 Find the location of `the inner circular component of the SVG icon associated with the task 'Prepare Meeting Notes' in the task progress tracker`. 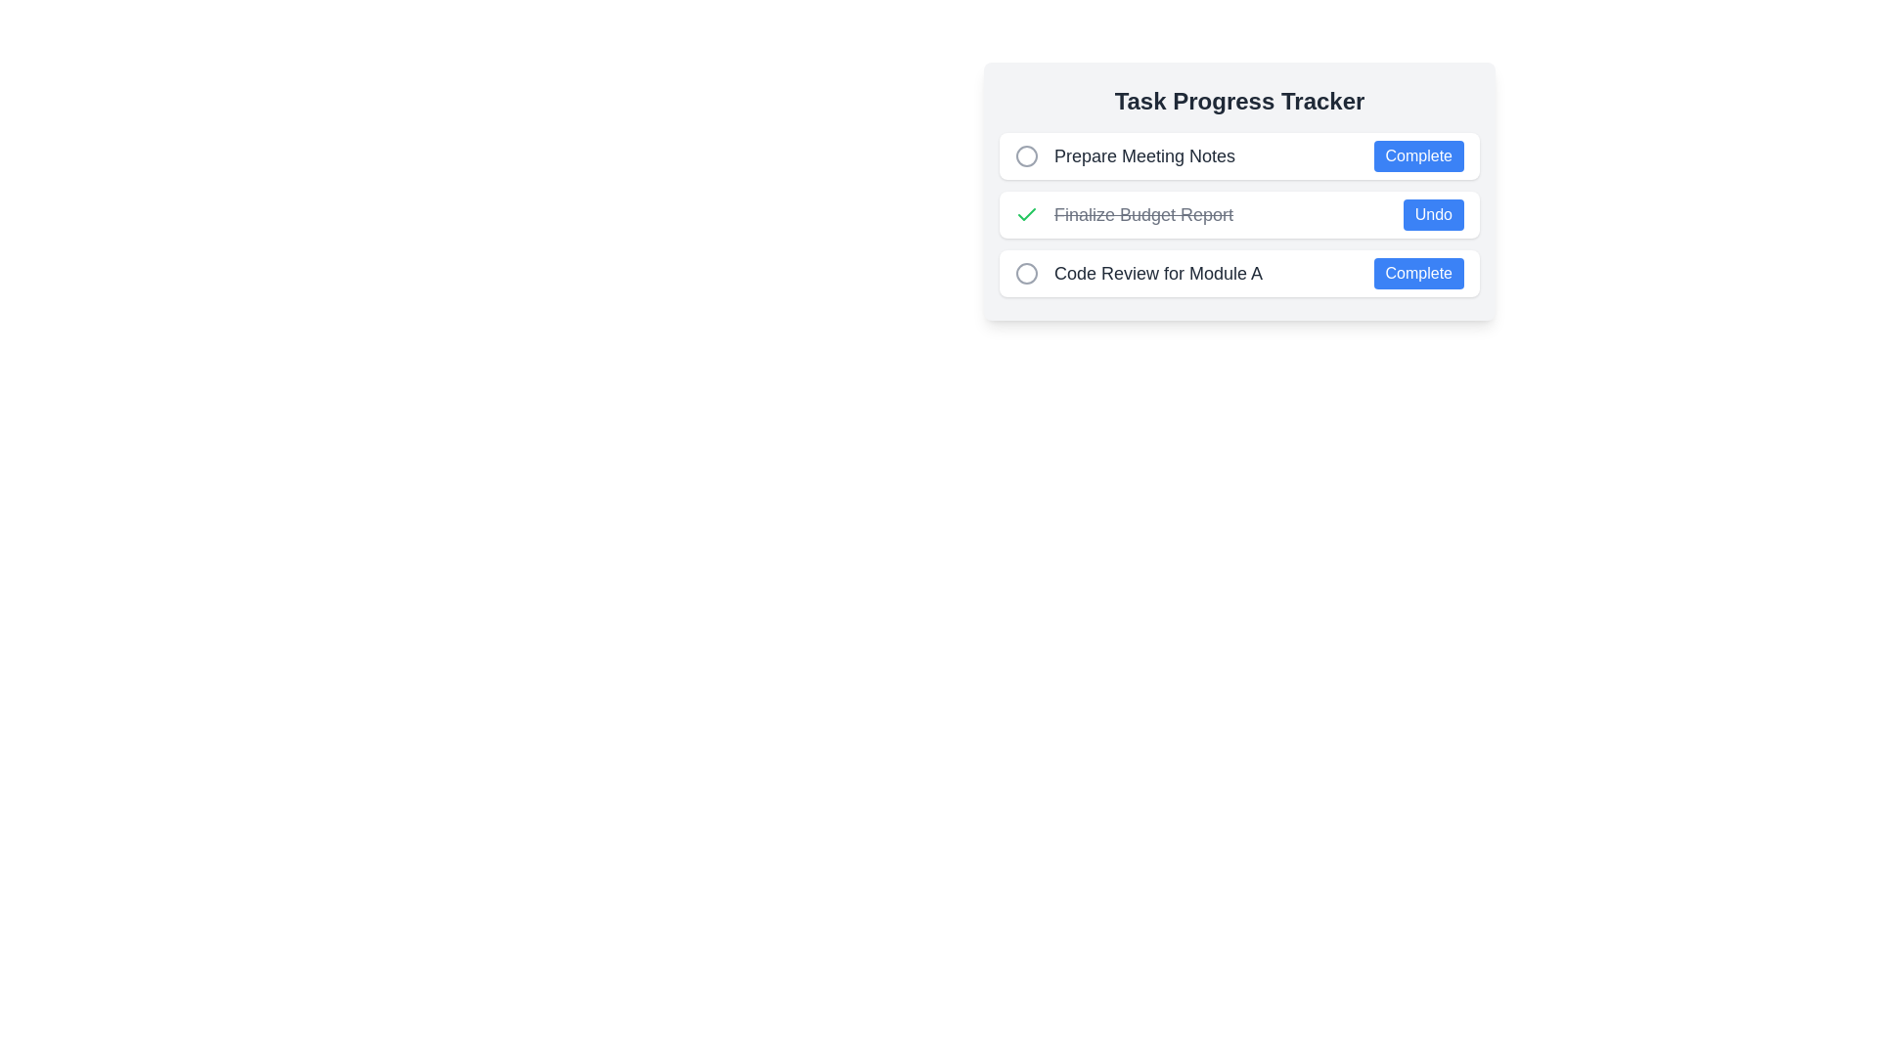

the inner circular component of the SVG icon associated with the task 'Prepare Meeting Notes' in the task progress tracker is located at coordinates (1026, 154).